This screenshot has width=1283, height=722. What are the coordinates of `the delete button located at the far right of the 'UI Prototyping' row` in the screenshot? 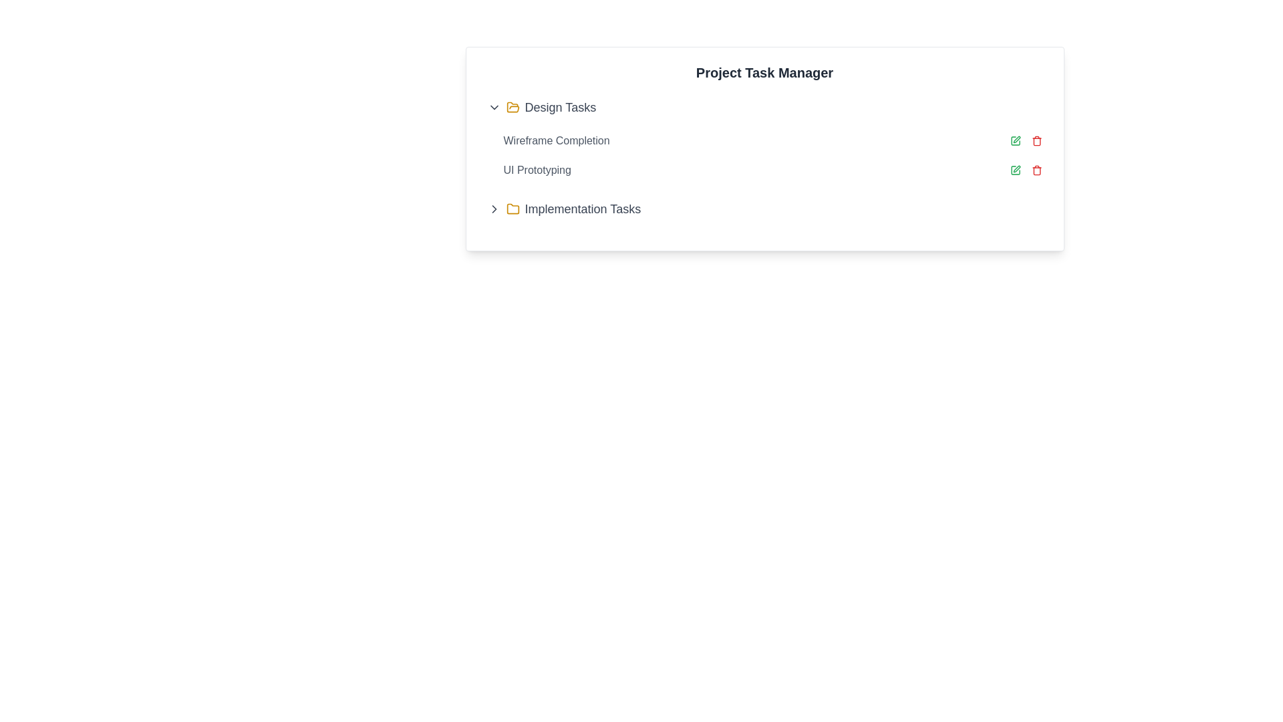 It's located at (1036, 169).